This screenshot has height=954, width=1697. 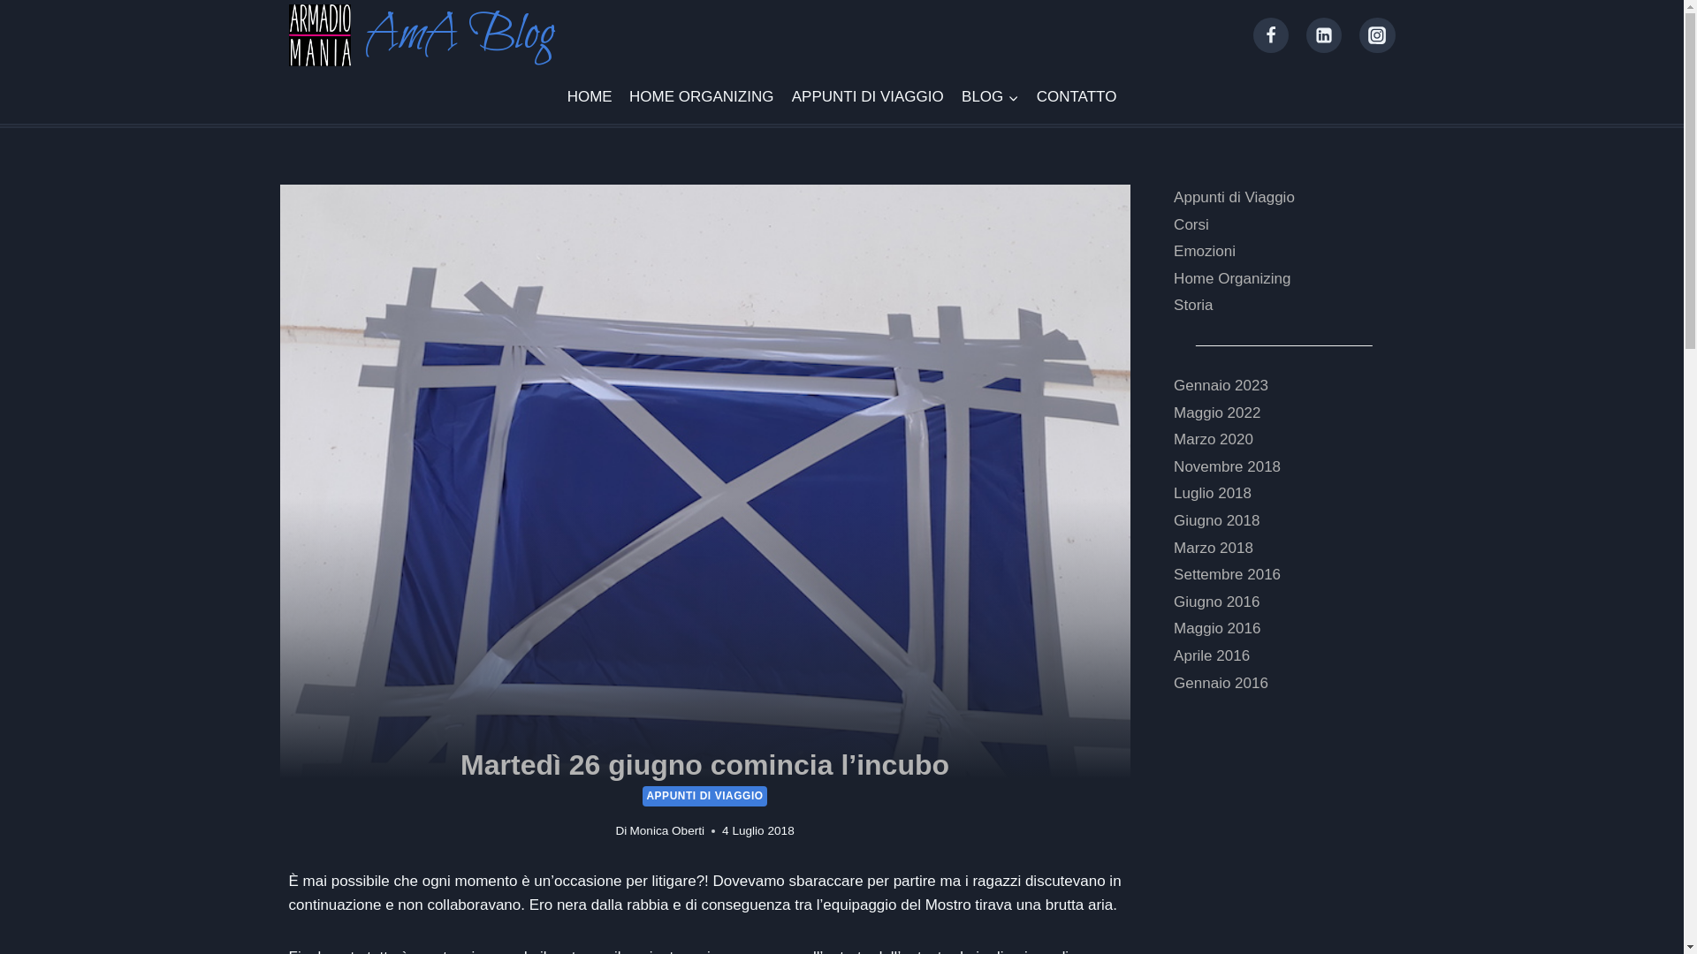 What do you see at coordinates (1215, 519) in the screenshot?
I see `'Giugno 2018'` at bounding box center [1215, 519].